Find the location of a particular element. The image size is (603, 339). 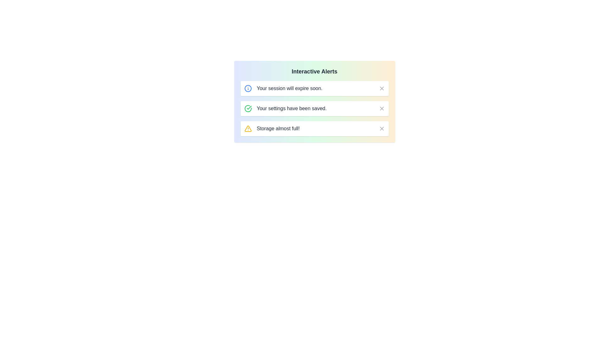

the circular information icon with a blue border and white interior located at the leftmost end of the notification bar stating 'Your session will expire soon.' is located at coordinates (247, 88).